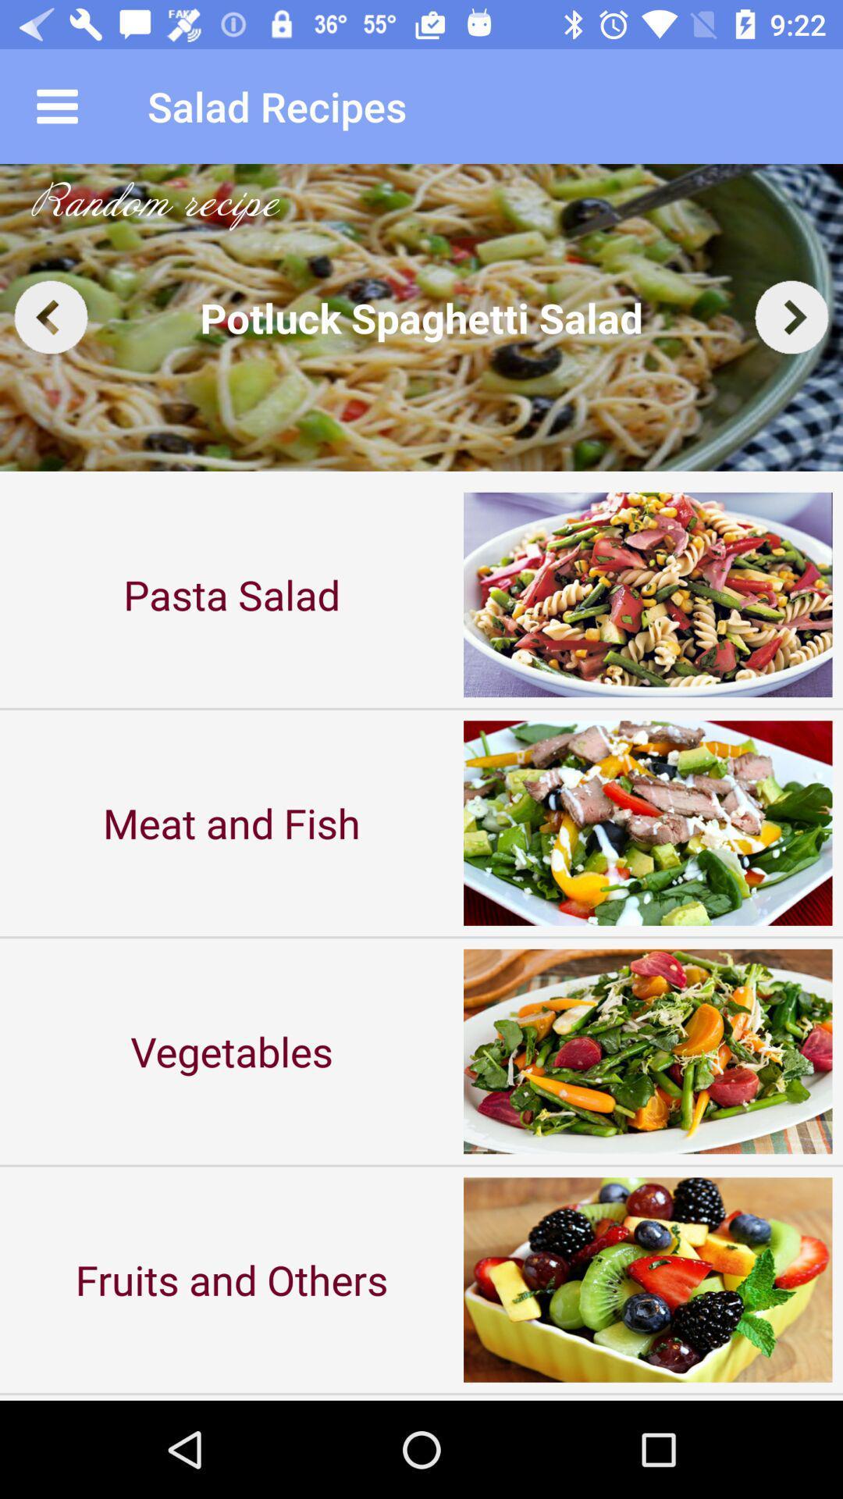 This screenshot has width=843, height=1499. What do you see at coordinates (232, 593) in the screenshot?
I see `pasta salad icon` at bounding box center [232, 593].